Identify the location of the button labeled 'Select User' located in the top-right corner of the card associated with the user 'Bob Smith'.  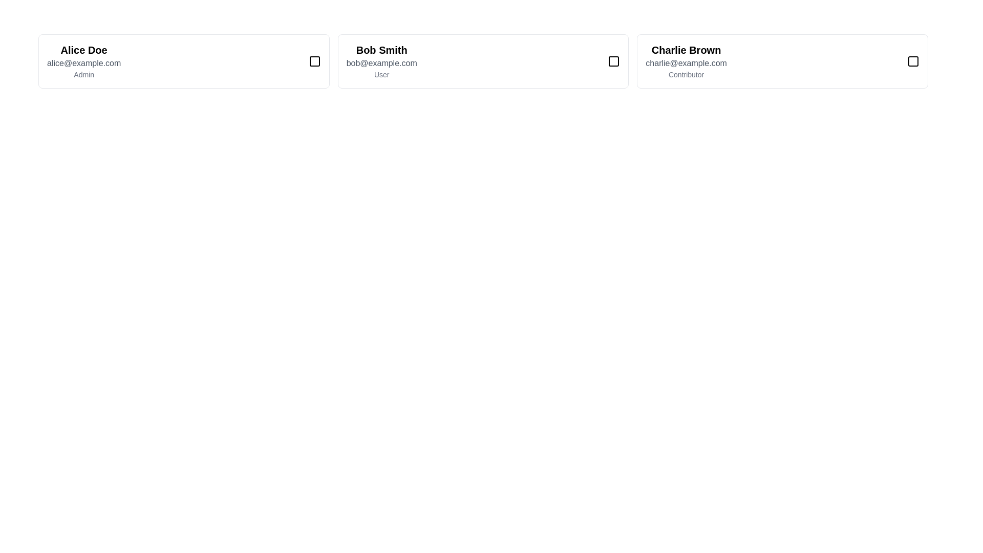
(614, 61).